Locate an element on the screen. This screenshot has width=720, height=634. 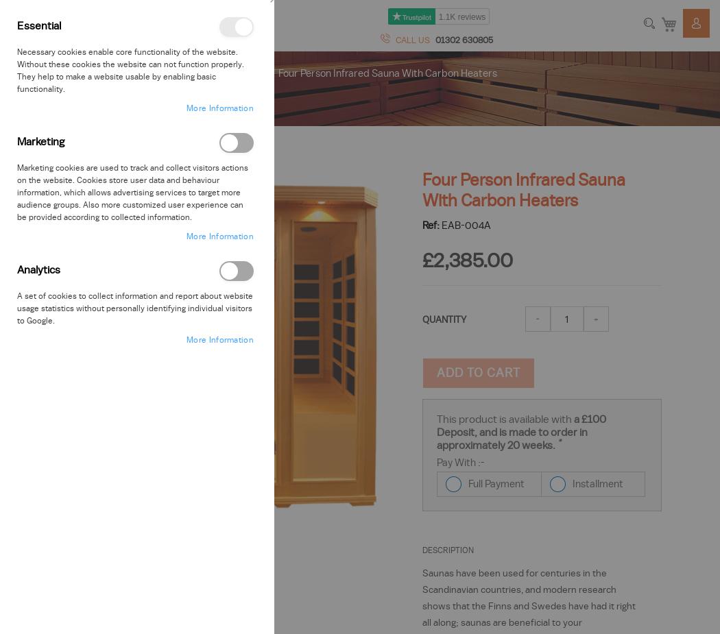
'A set of cookies to collect information and report about website usage statistics without personally identifying individual visitors to Google.' is located at coordinates (134, 308).